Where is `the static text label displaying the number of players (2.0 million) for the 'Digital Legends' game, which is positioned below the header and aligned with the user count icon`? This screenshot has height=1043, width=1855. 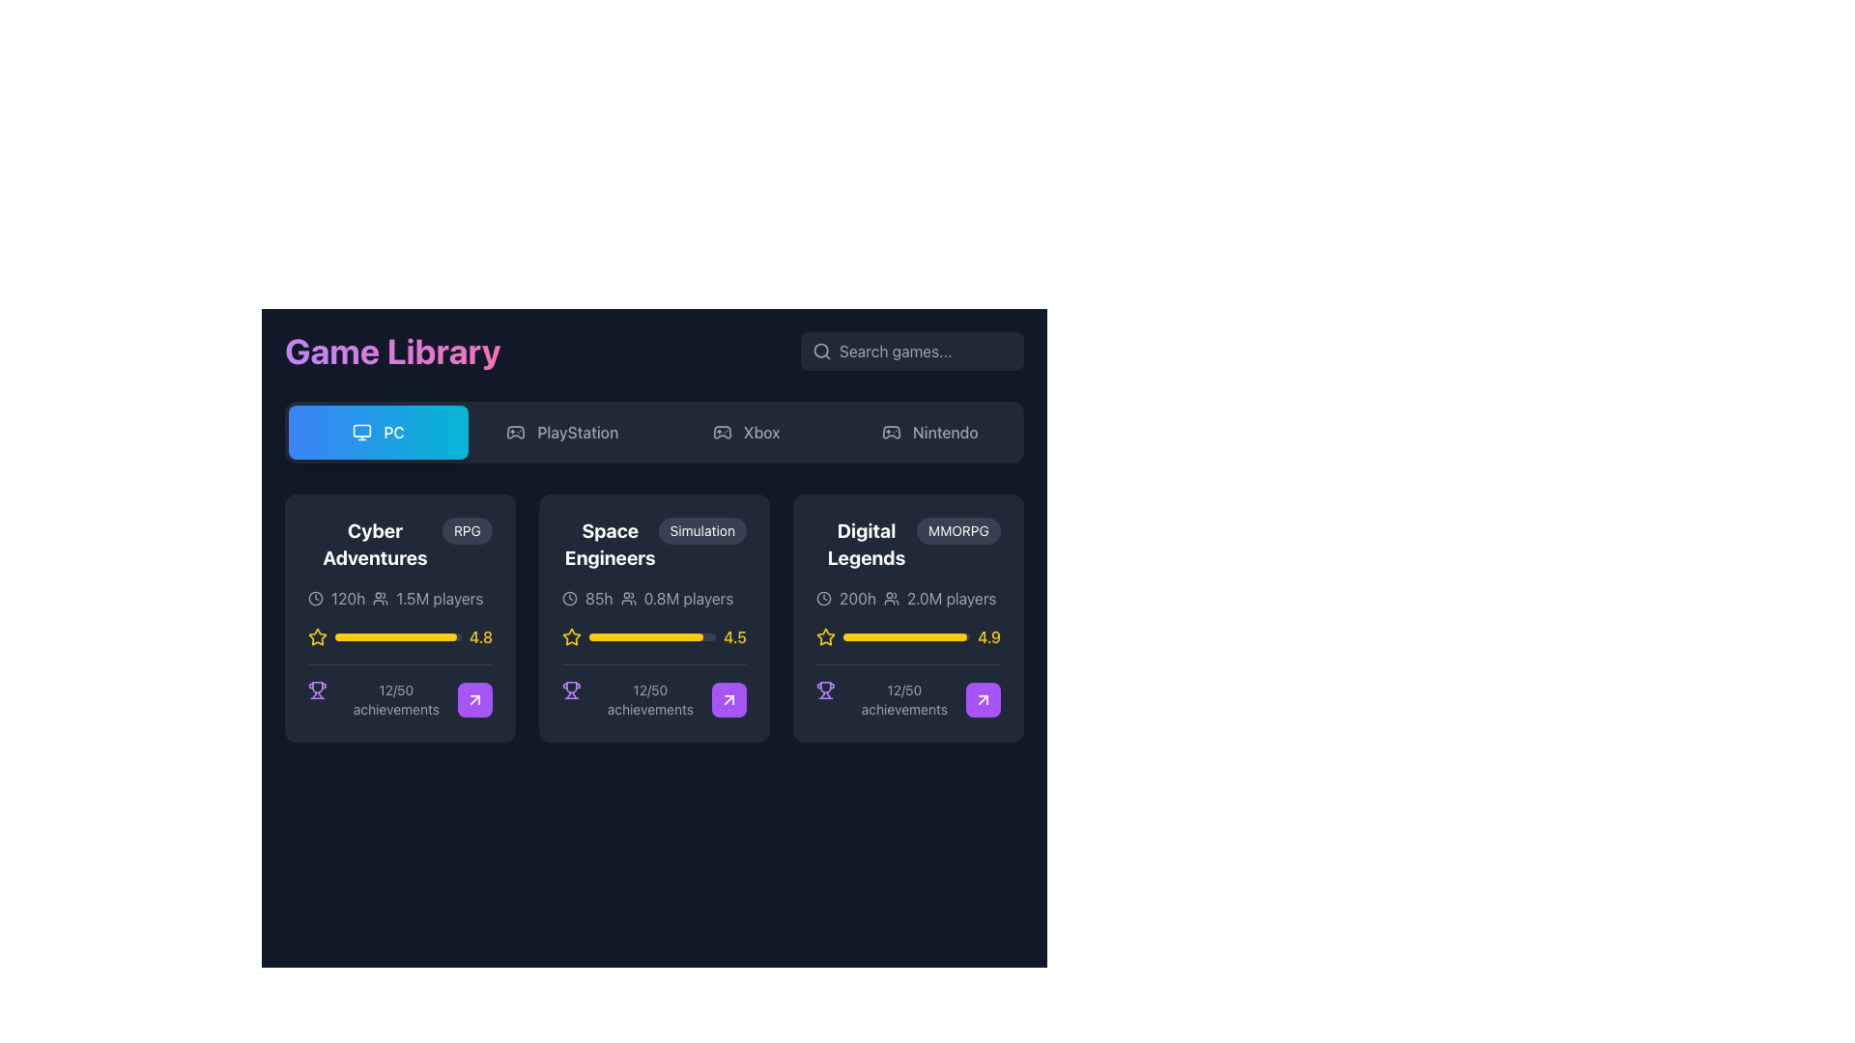
the static text label displaying the number of players (2.0 million) for the 'Digital Legends' game, which is positioned below the header and aligned with the user count icon is located at coordinates (952, 598).